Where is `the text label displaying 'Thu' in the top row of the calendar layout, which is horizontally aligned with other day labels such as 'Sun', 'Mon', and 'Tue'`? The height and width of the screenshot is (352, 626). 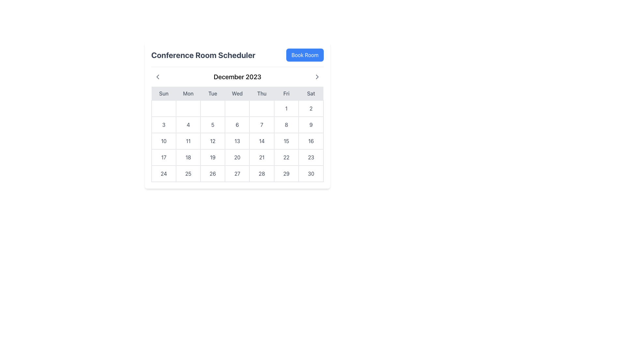
the text label displaying 'Thu' in the top row of the calendar layout, which is horizontally aligned with other day labels such as 'Sun', 'Mon', and 'Tue' is located at coordinates (262, 94).